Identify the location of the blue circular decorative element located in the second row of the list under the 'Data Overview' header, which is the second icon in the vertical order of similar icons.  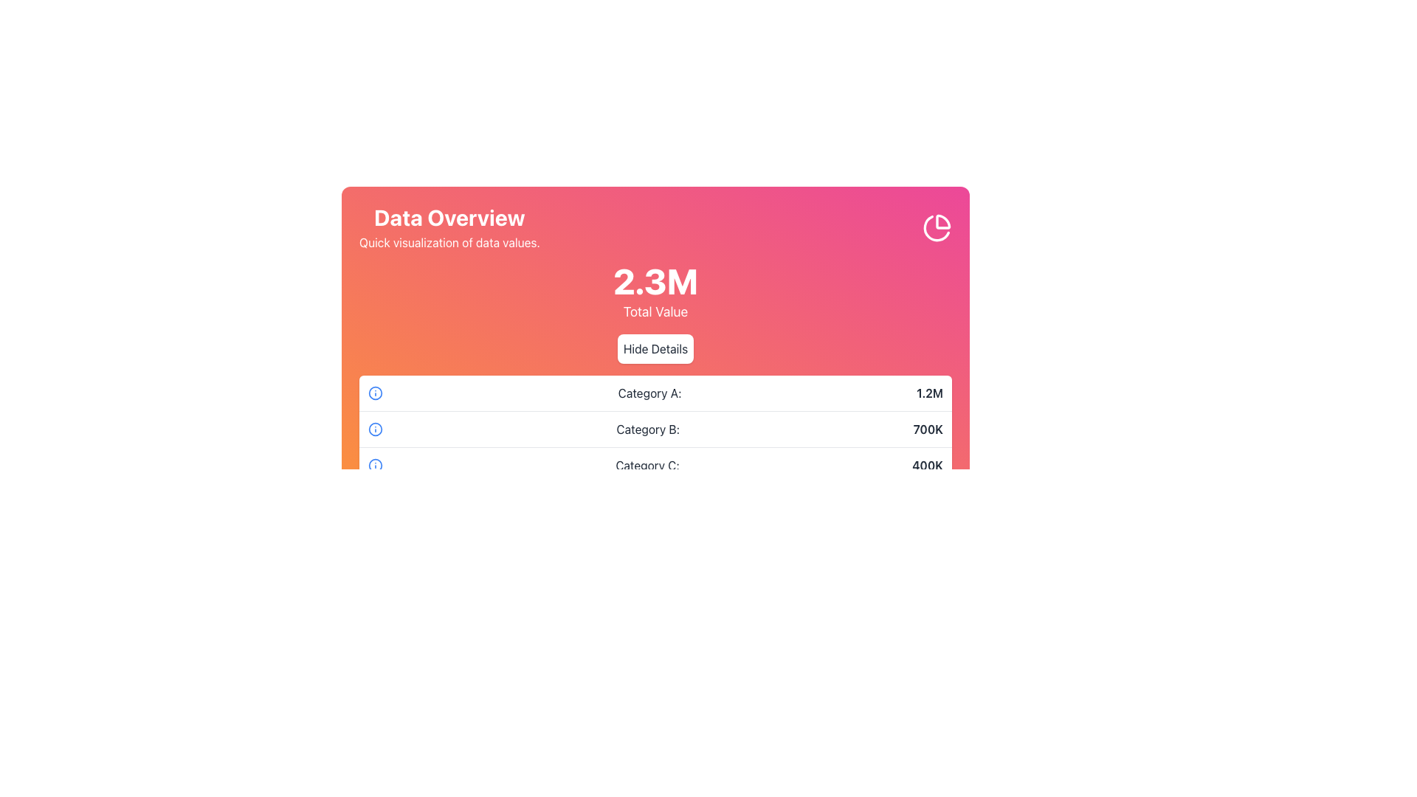
(375, 429).